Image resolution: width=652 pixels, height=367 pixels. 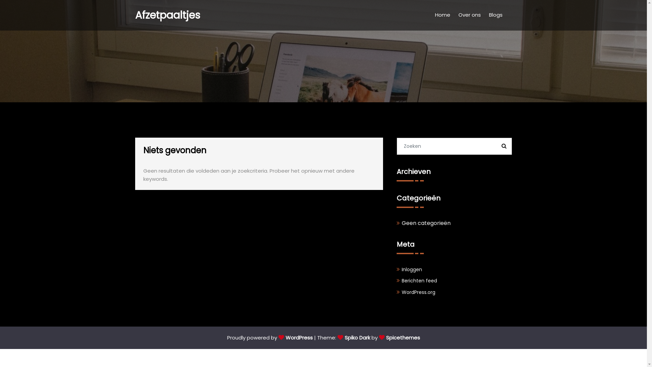 What do you see at coordinates (399, 337) in the screenshot?
I see `'Spicethemes'` at bounding box center [399, 337].